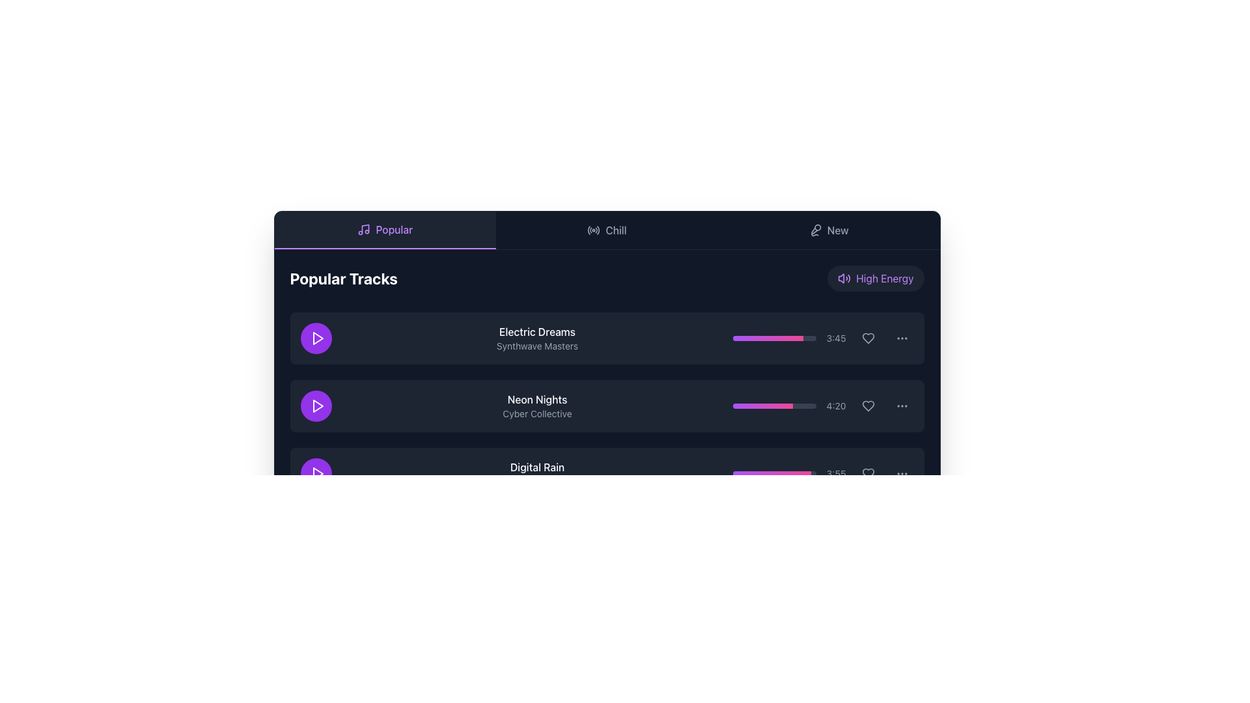 This screenshot has width=1250, height=703. I want to click on the text label displaying 'New' located in the top-right corner of the interface, part of the horizontal navigation bar, so click(838, 230).